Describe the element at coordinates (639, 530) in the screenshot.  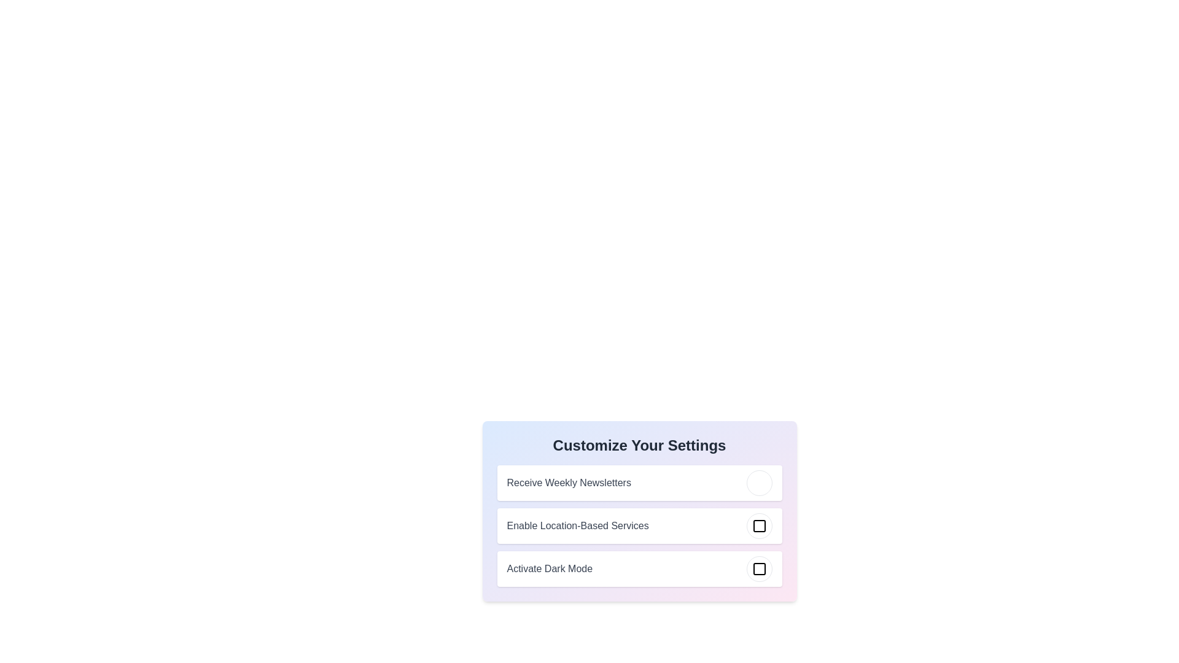
I see `the toggle button for 'Enable Location-Based Services'` at that location.